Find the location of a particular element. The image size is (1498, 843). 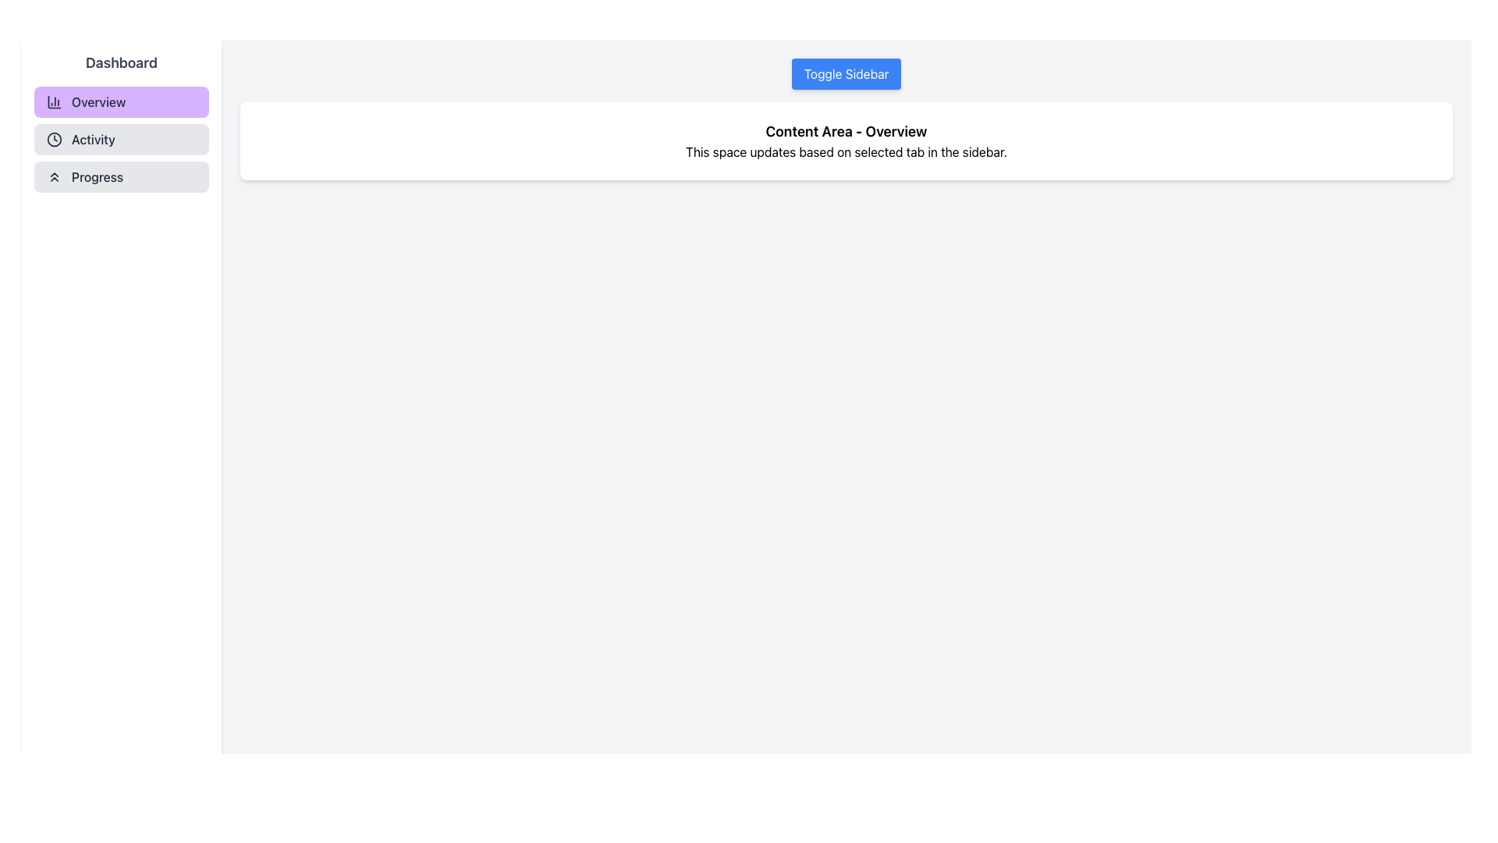

the purple rectangular button labeled 'Overview' which features a chart icon on the left side is located at coordinates (121, 102).